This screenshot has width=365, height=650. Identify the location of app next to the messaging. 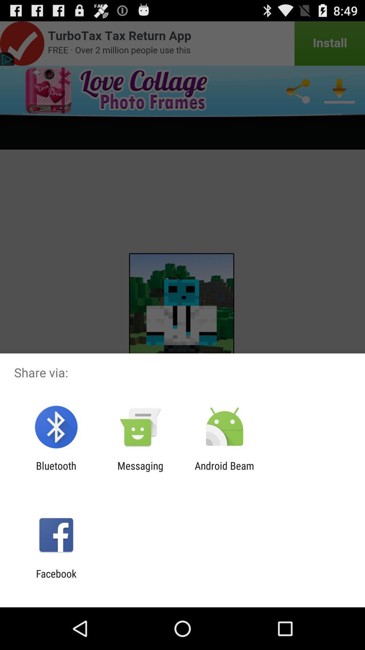
(56, 471).